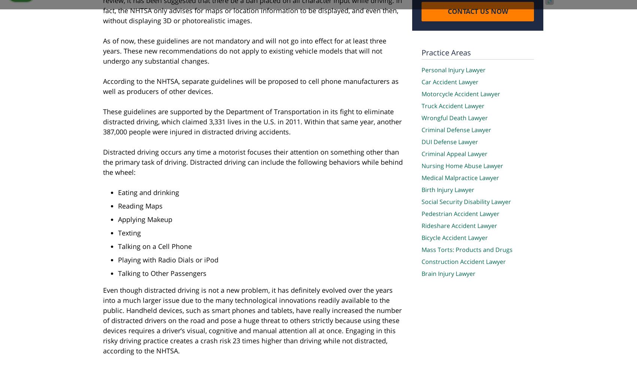  Describe the element at coordinates (447, 189) in the screenshot. I see `'Birth Injury Lawyer'` at that location.